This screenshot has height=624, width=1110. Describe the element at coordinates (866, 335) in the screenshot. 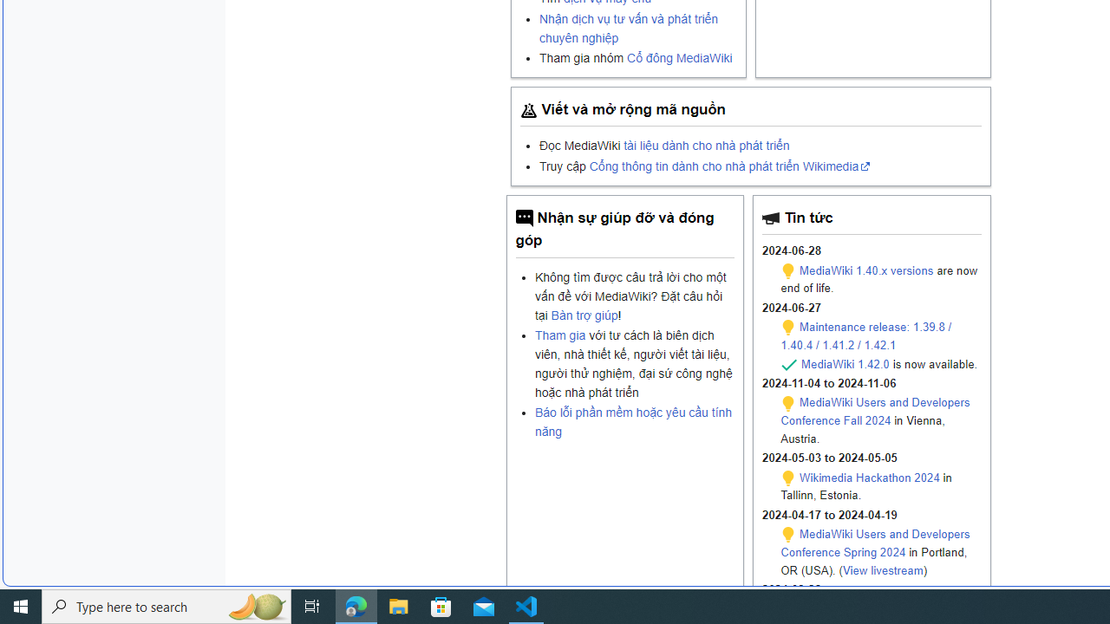

I see `'Maintenance release: 1.39.8 / 1.40.4 / 1.41.2 / 1.42.1'` at that location.